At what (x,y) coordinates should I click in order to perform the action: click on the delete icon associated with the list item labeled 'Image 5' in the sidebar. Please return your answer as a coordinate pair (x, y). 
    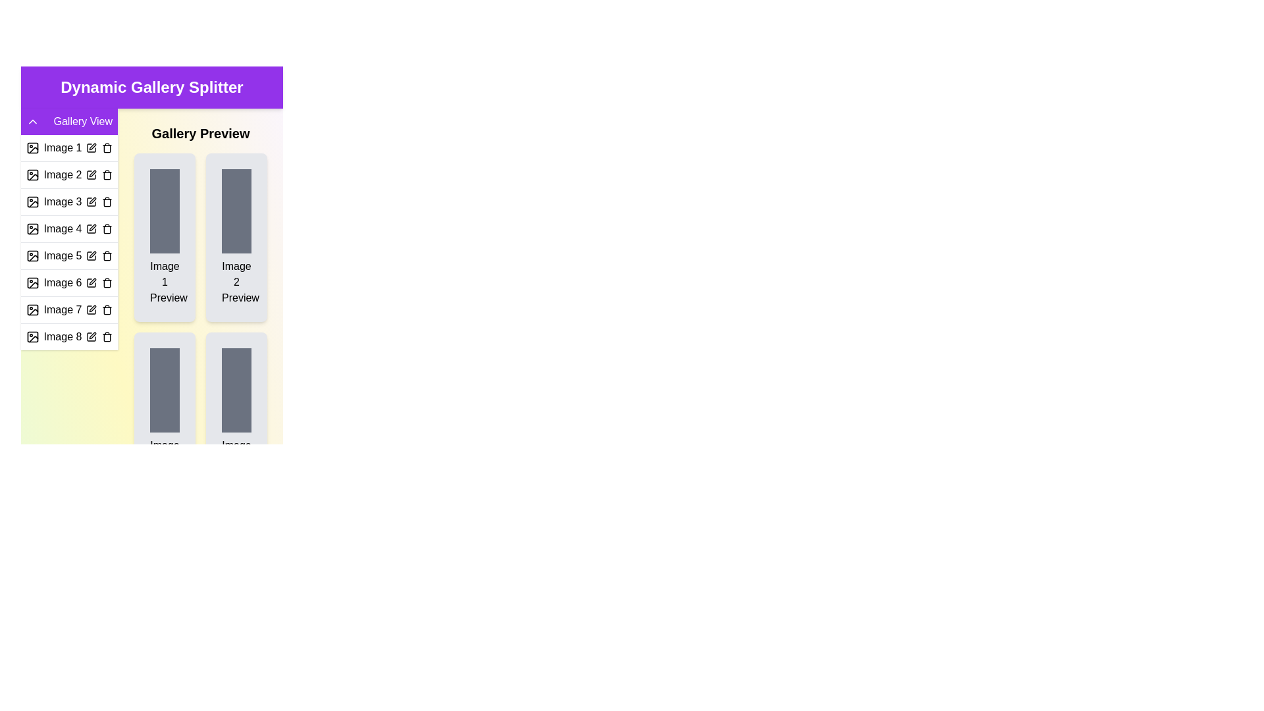
    Looking at the image, I should click on (68, 255).